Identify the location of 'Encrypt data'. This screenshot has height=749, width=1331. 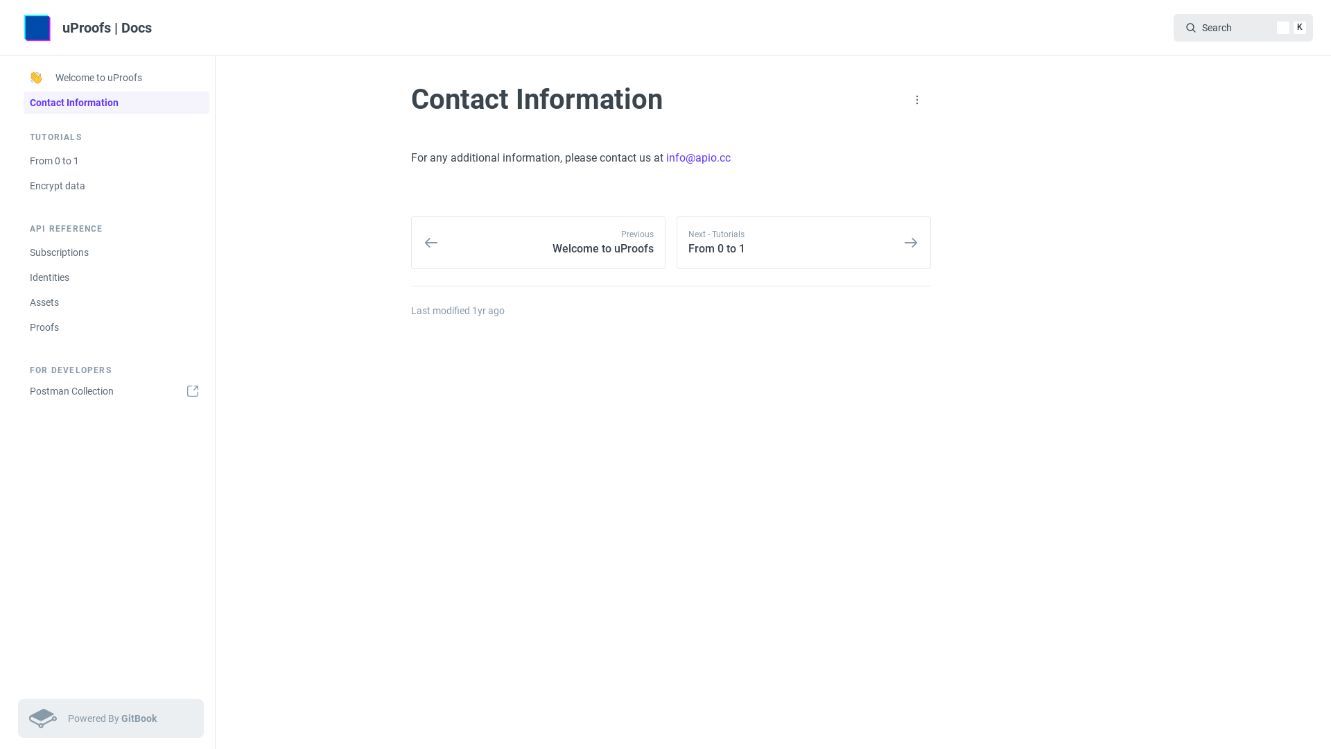
(116, 184).